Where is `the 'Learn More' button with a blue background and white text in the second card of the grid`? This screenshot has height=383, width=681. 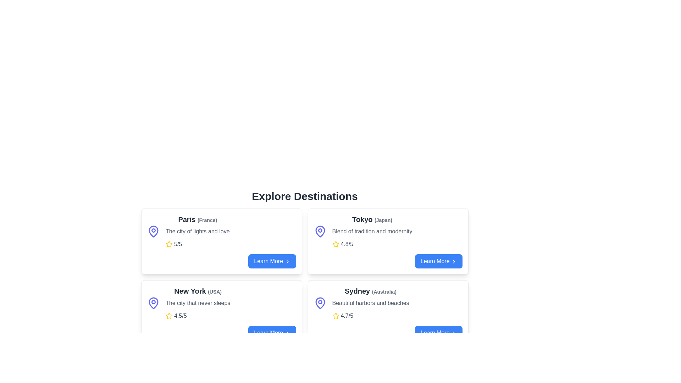
the 'Learn More' button with a blue background and white text in the second card of the grid is located at coordinates (272, 261).